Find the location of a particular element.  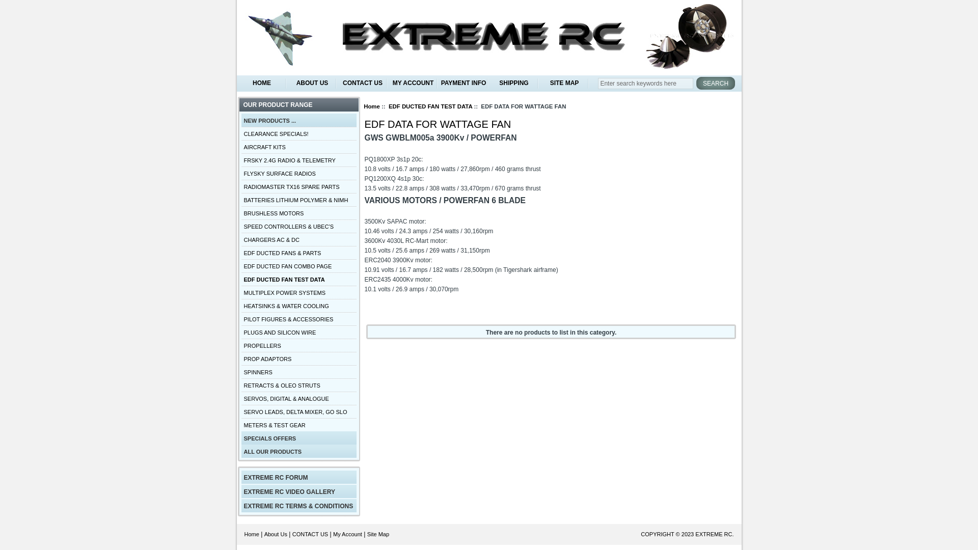

'SPECIALS OFFERS' is located at coordinates (298, 437).